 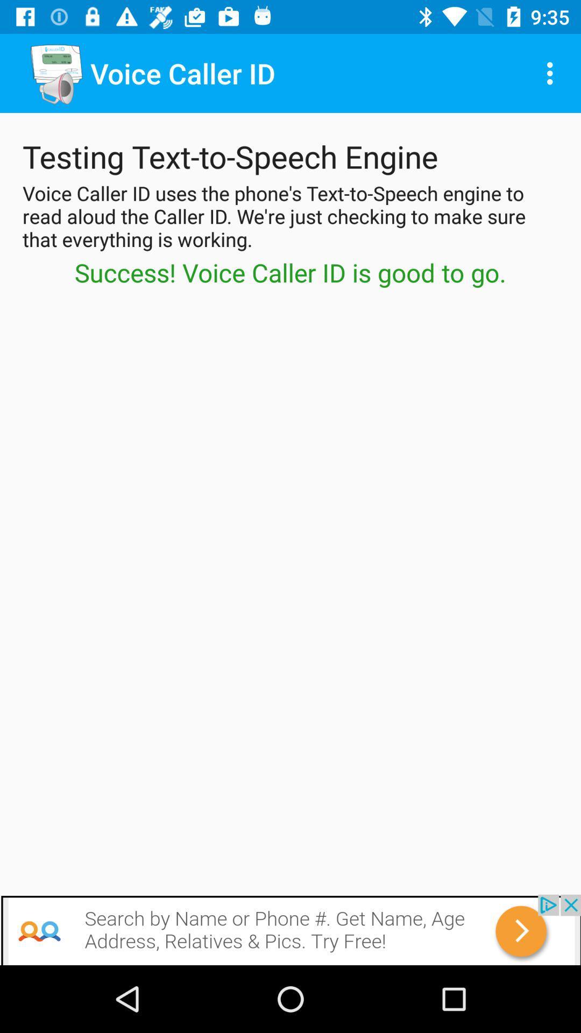 What do you see at coordinates (290, 929) in the screenshot?
I see `show advertisement` at bounding box center [290, 929].